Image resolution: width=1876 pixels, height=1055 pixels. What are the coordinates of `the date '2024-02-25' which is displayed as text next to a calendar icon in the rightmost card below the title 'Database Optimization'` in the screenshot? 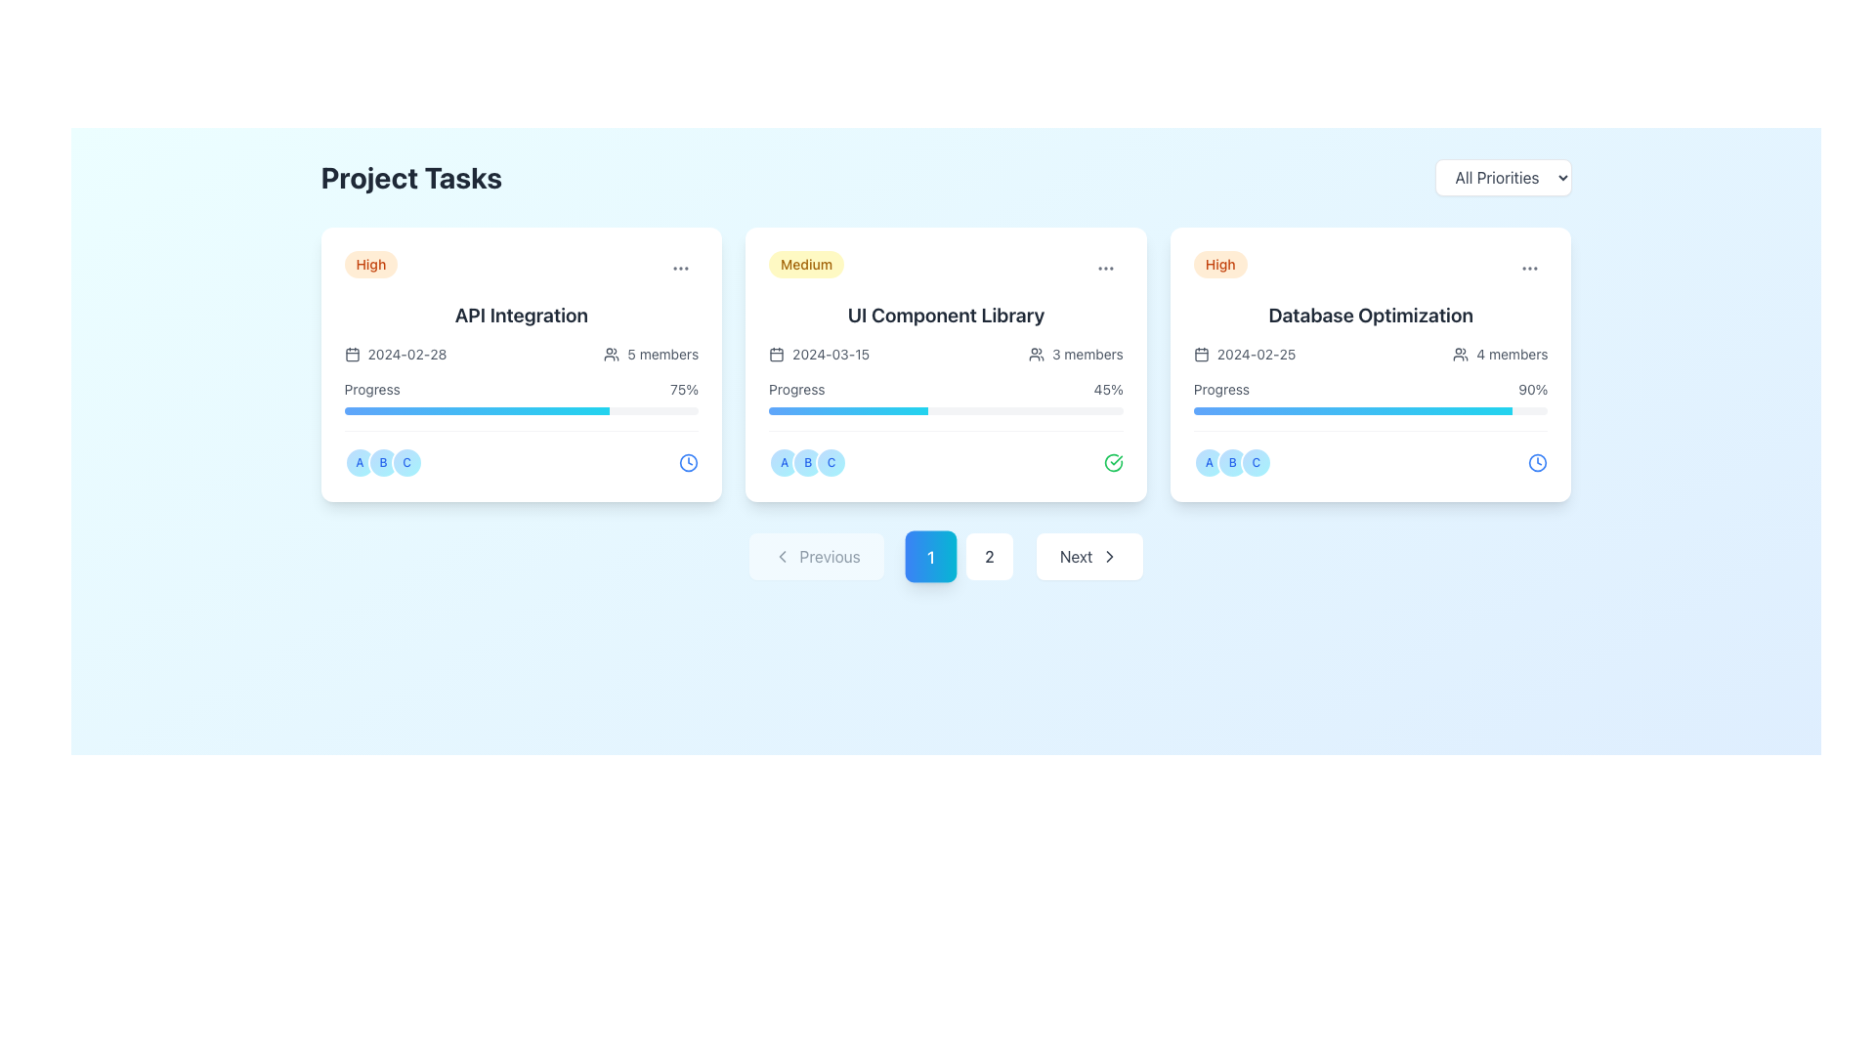 It's located at (1243, 354).